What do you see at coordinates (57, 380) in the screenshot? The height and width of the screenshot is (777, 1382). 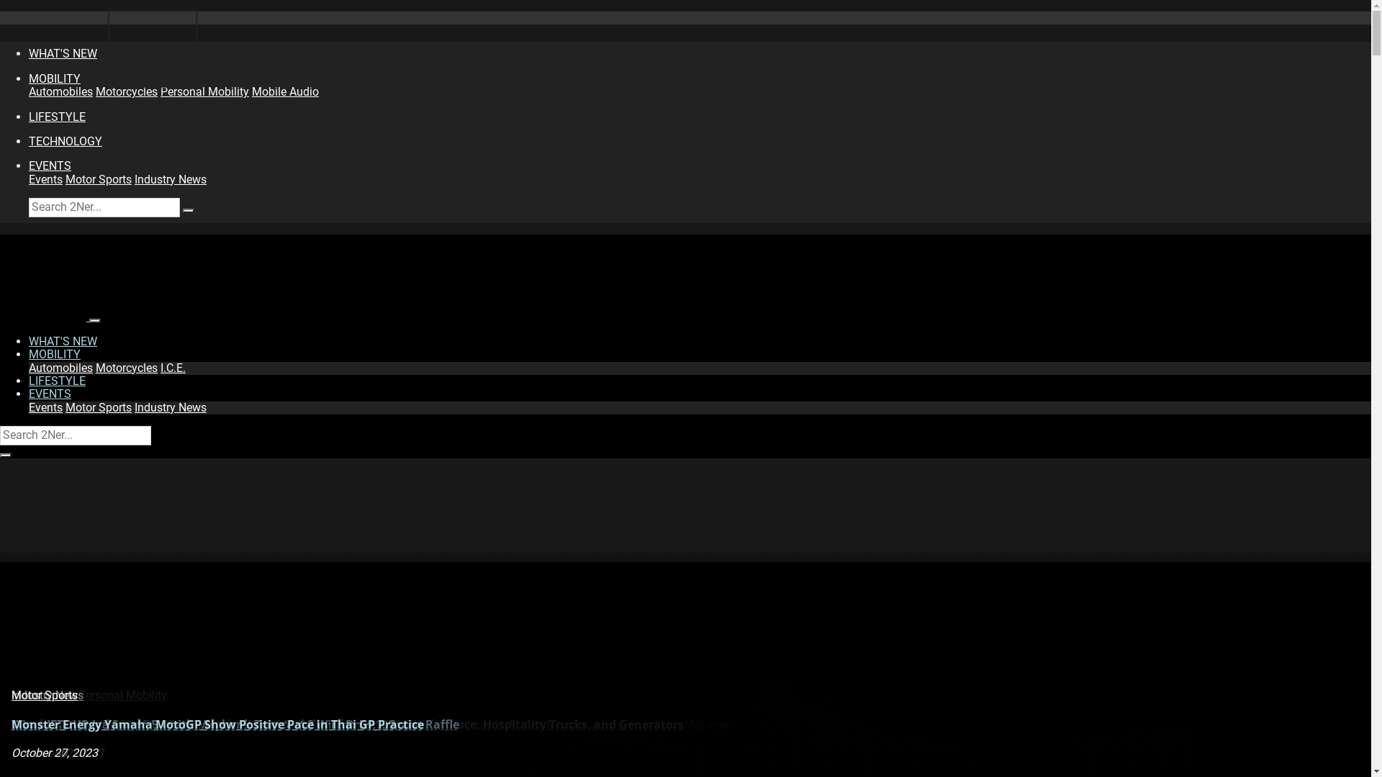 I see `'LIFESTYLE'` at bounding box center [57, 380].